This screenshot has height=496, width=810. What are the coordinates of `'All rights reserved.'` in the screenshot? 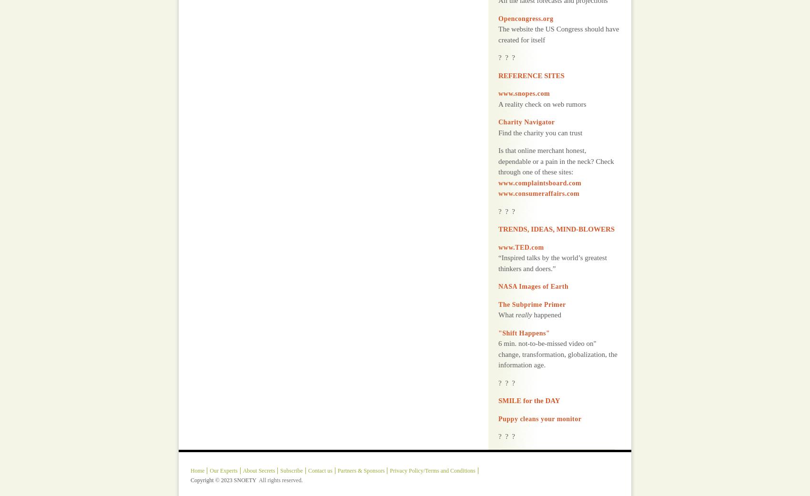 It's located at (280, 456).